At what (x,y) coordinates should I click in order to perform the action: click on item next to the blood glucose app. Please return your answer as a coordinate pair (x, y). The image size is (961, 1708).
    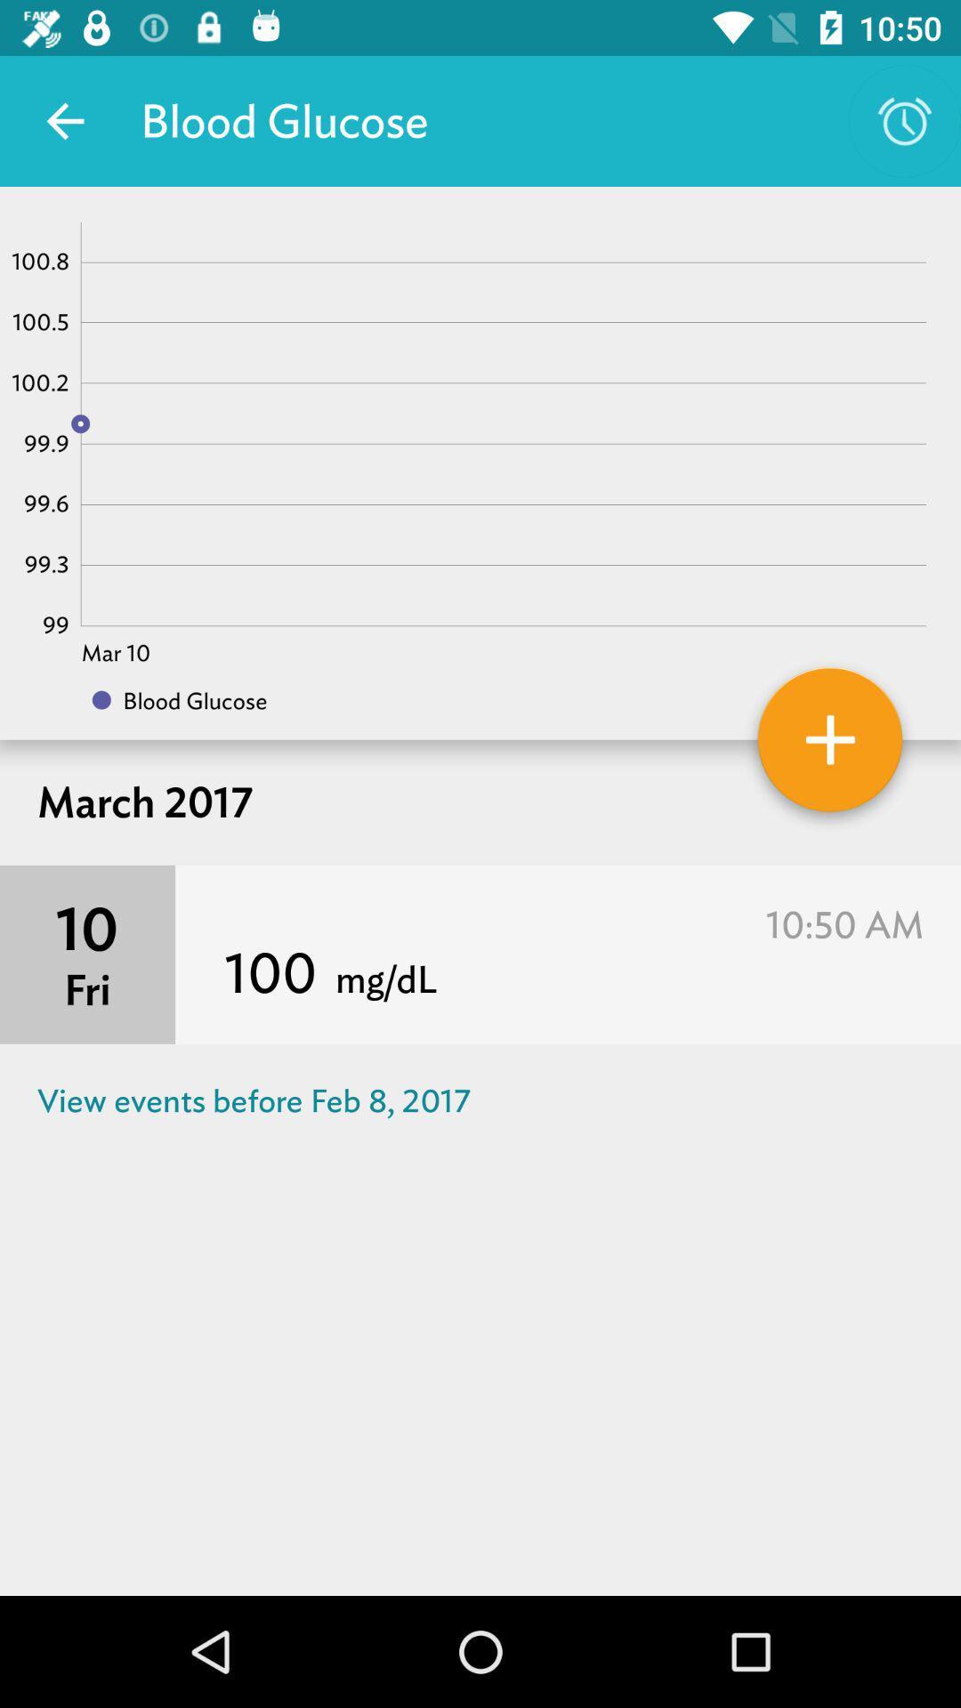
    Looking at the image, I should click on (64, 120).